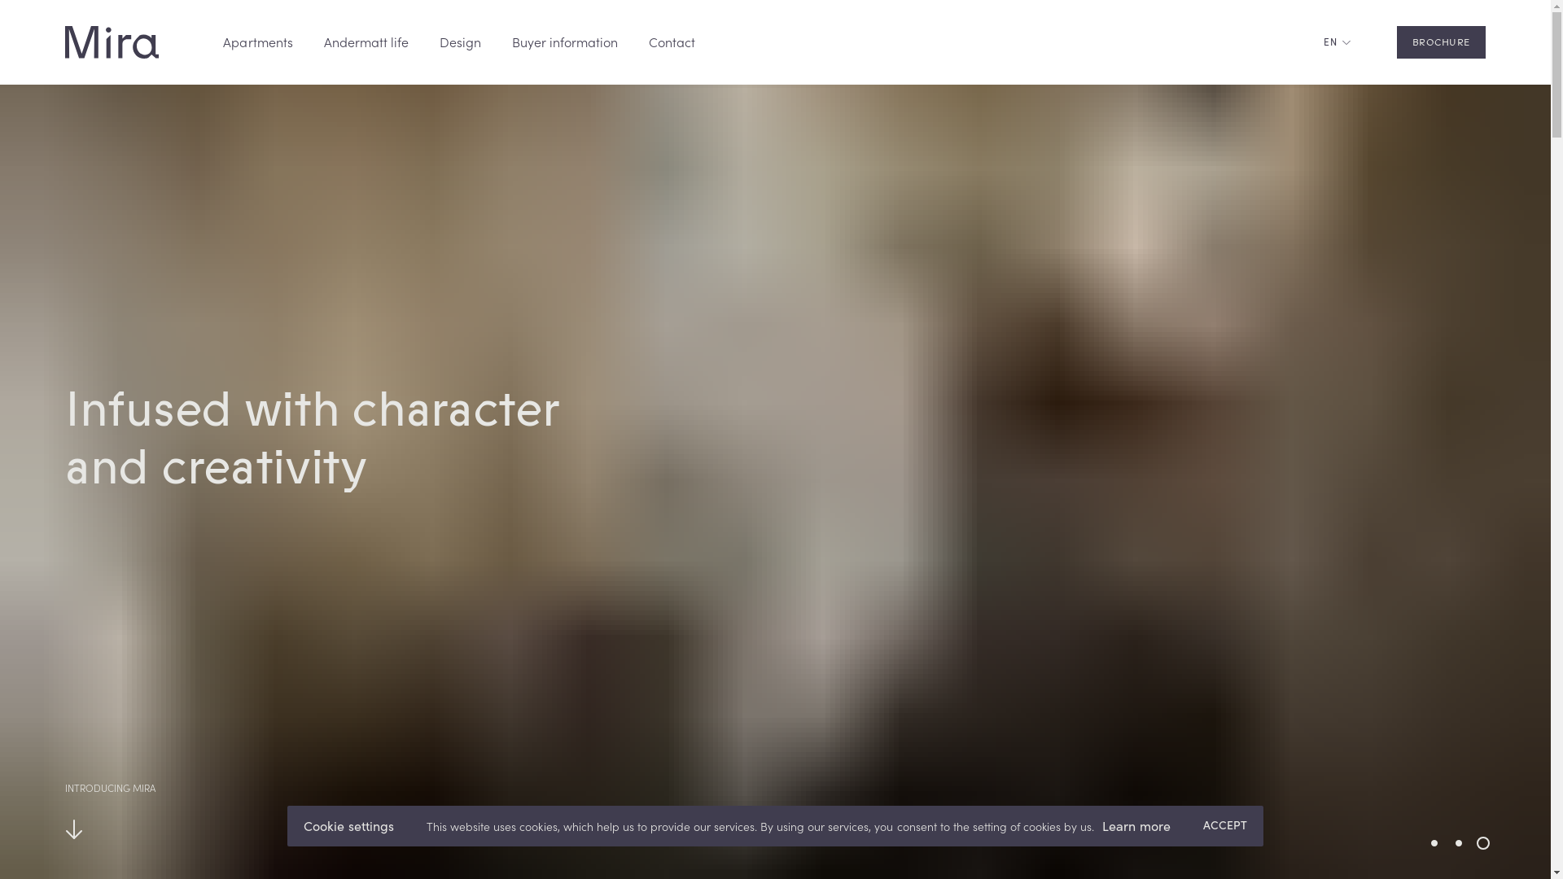 Image resolution: width=1563 pixels, height=879 pixels. Describe the element at coordinates (459, 41) in the screenshot. I see `'Design'` at that location.